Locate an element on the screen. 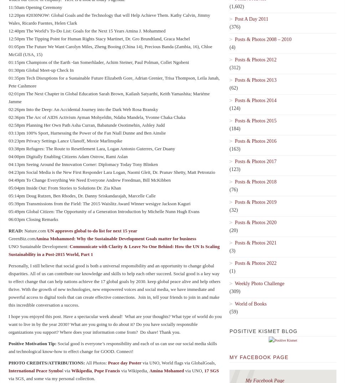 The image size is (345, 383). 'Posts & Photos 2018' is located at coordinates (255, 181).